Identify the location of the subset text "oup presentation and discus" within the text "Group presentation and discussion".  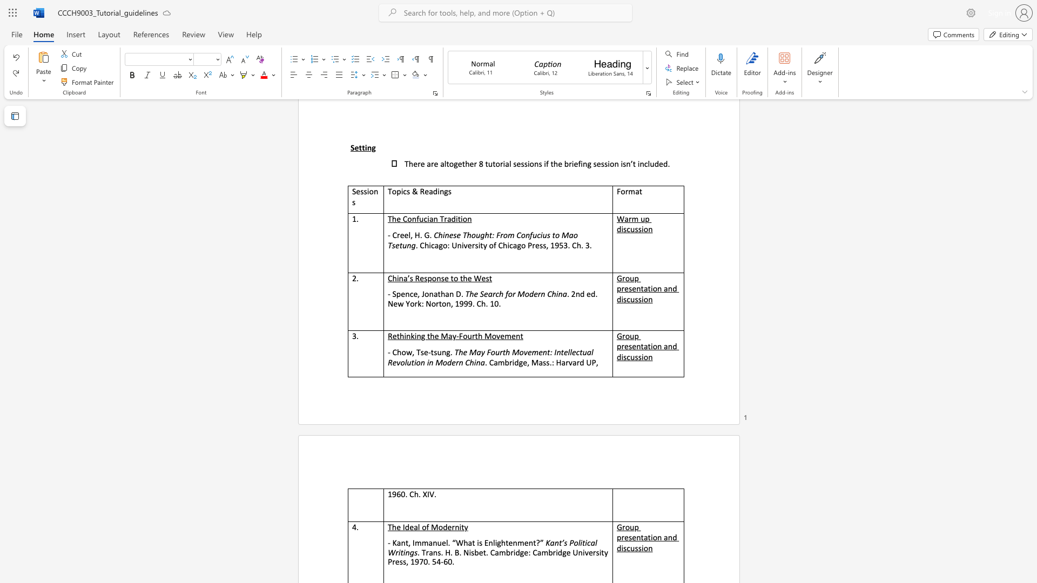
(625, 526).